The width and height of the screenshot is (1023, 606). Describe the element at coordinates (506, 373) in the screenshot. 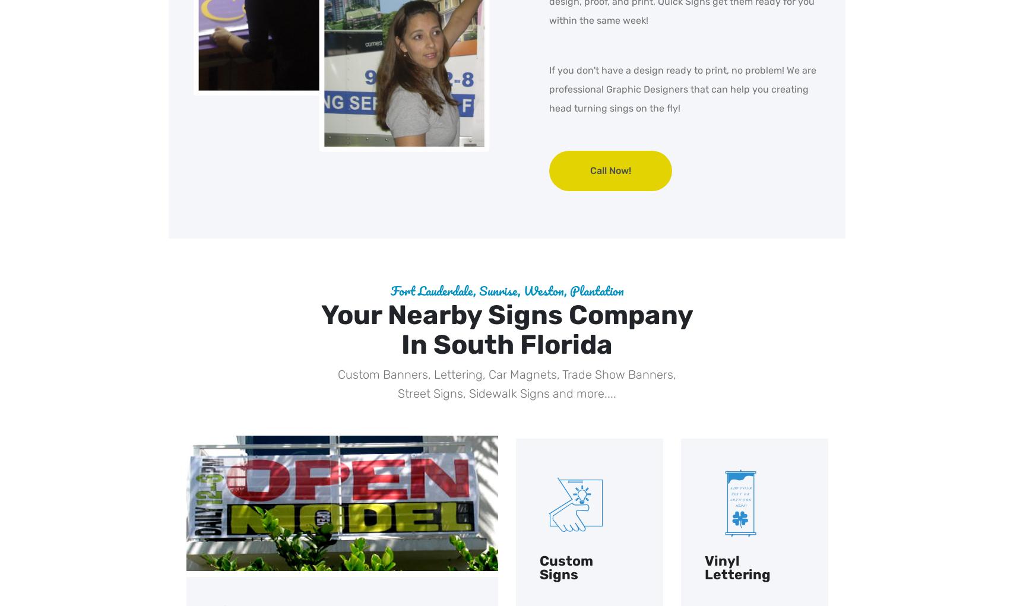

I see `'Custom Banners, Lettering, Car Magnets, Trade Show Banners,'` at that location.